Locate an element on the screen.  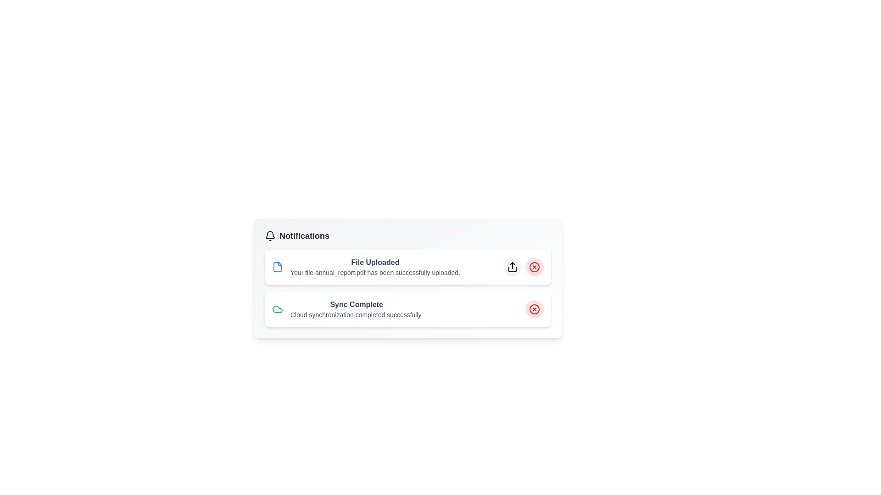
the notification item that states 'Sync Complete' is located at coordinates (356, 309).